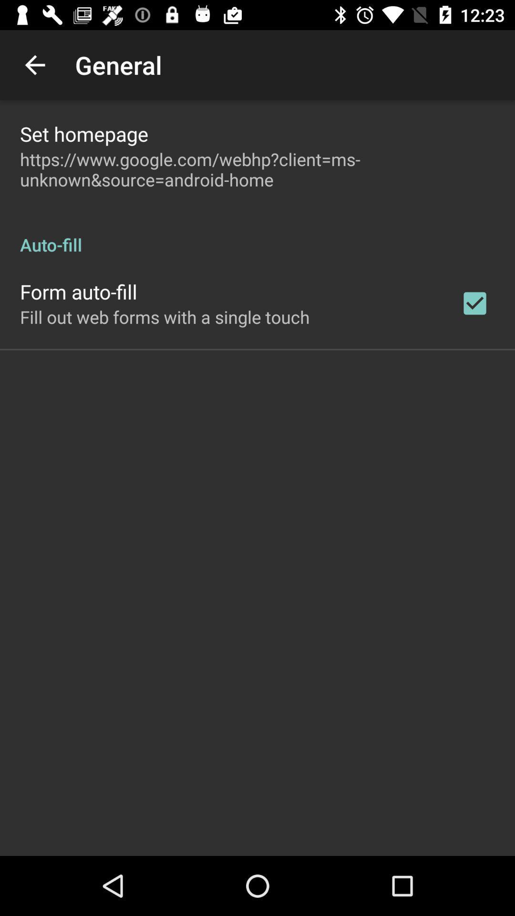  I want to click on app next to the fill out web item, so click(474, 302).